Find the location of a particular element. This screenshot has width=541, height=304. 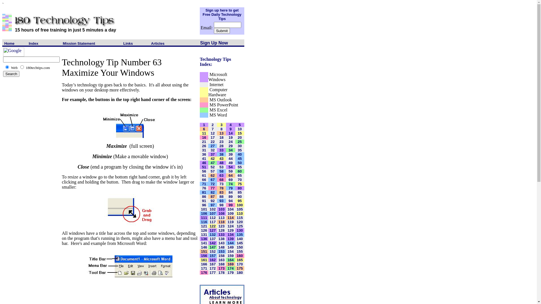

'7' is located at coordinates (212, 129).